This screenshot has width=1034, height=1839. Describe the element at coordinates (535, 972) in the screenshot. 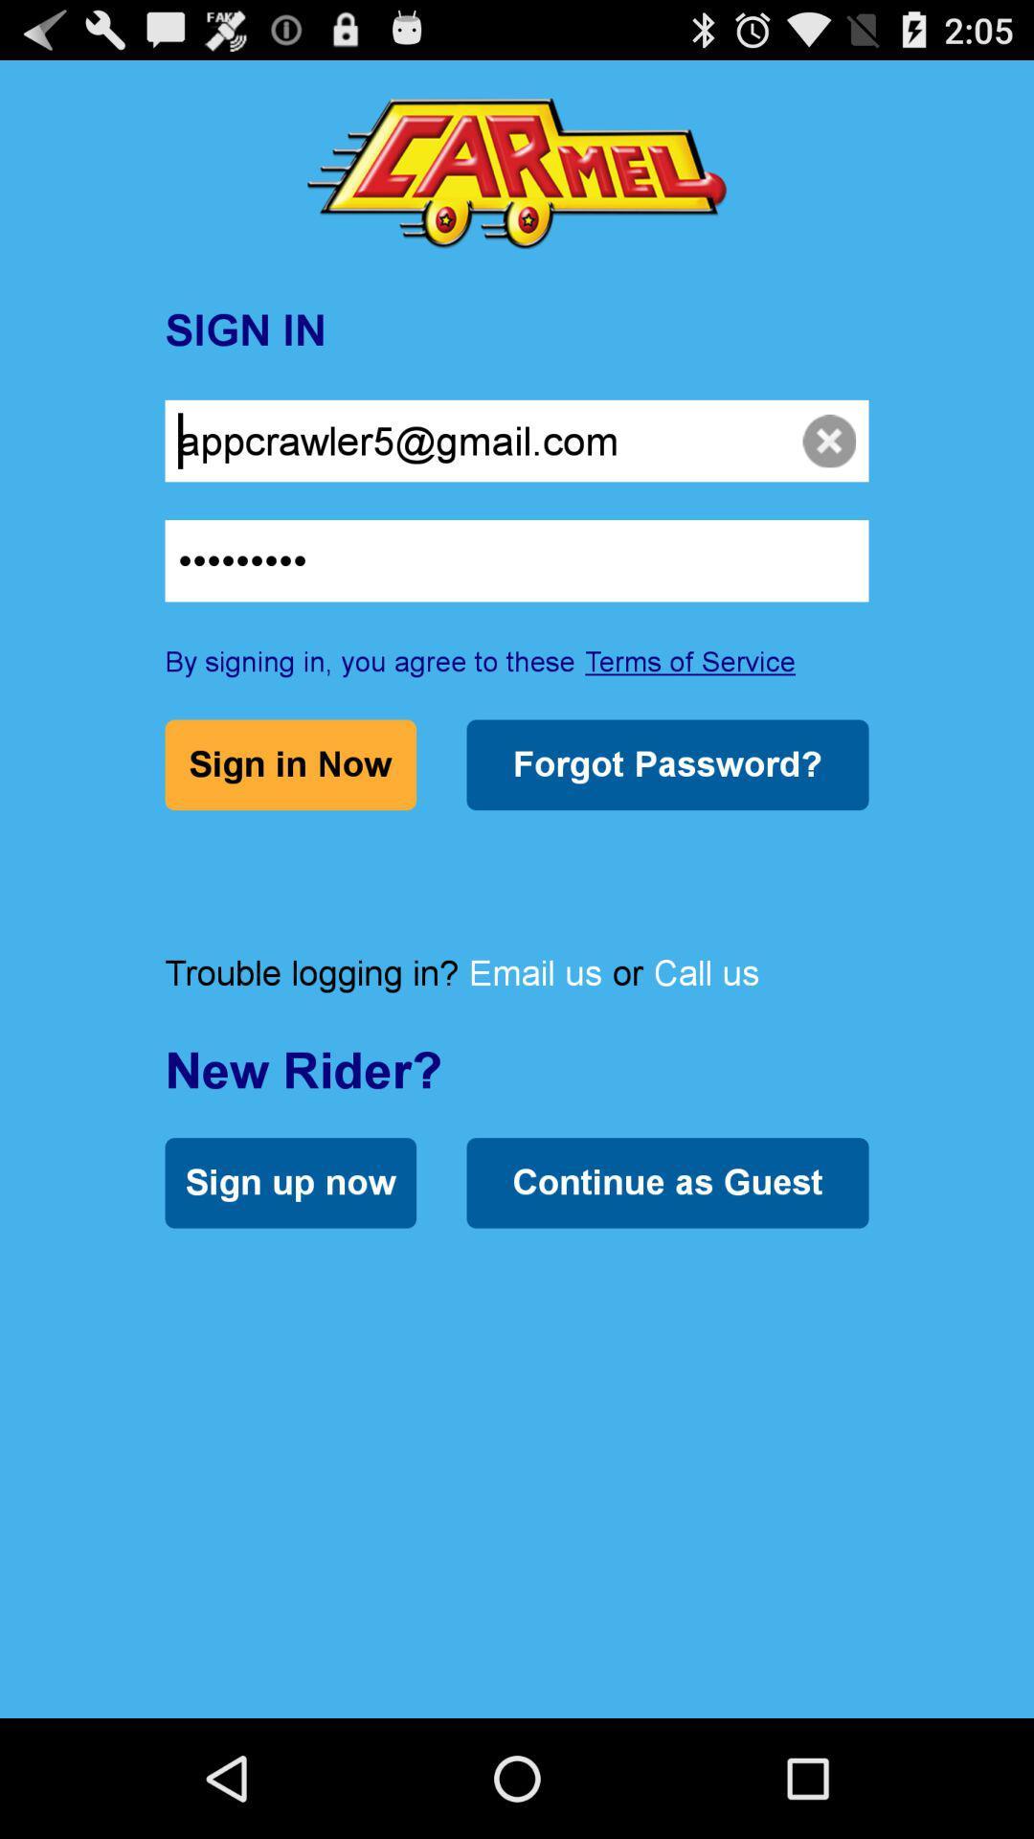

I see `the icon next to or item` at that location.